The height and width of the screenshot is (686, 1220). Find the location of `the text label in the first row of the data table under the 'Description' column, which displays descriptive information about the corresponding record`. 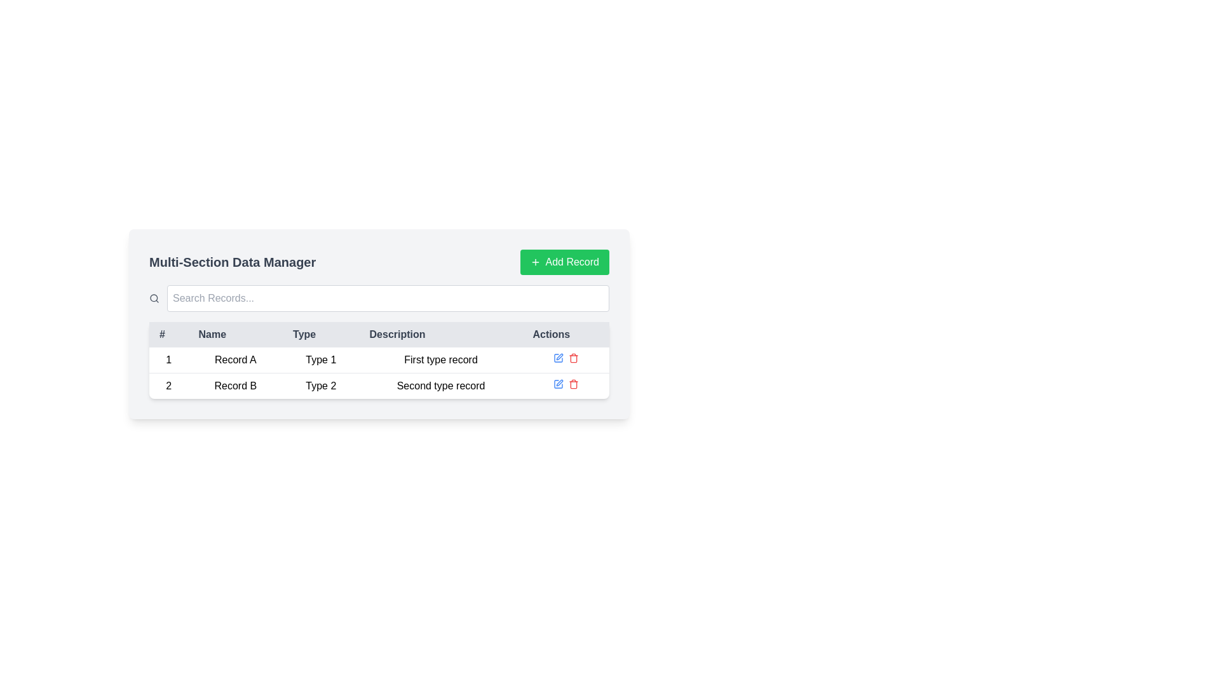

the text label in the first row of the data table under the 'Description' column, which displays descriptive information about the corresponding record is located at coordinates (441, 360).